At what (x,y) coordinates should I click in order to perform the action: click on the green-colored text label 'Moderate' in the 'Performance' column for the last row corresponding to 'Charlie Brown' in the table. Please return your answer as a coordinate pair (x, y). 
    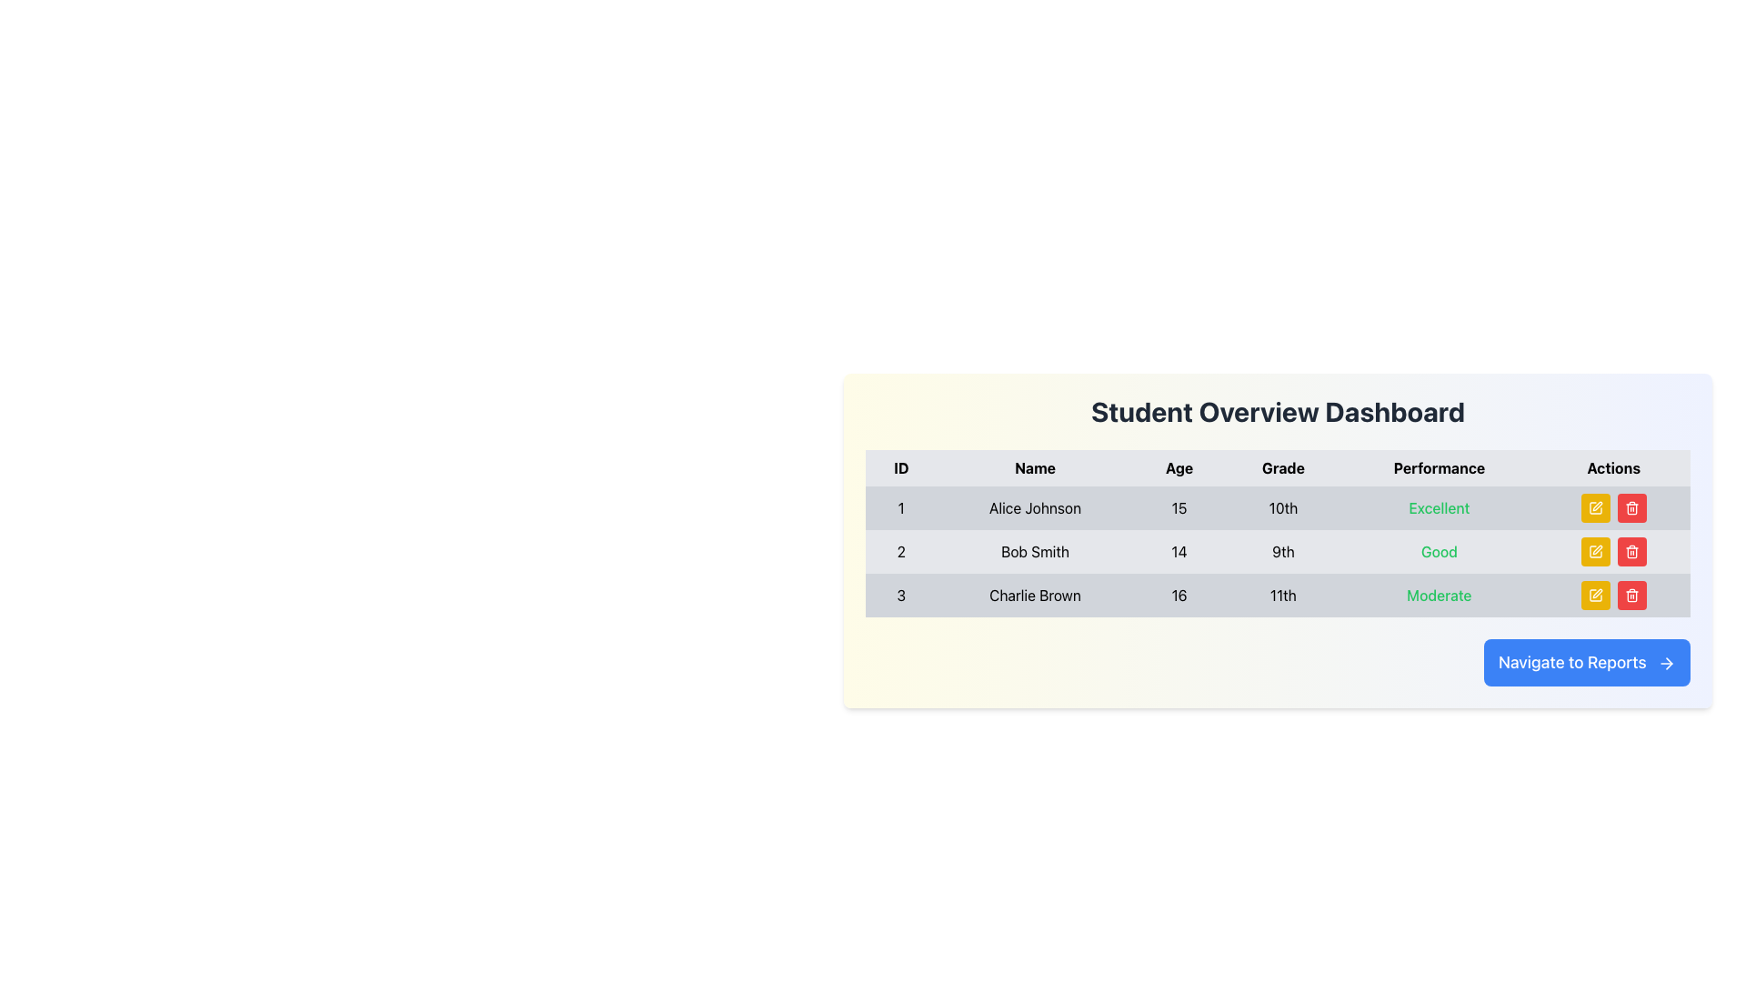
    Looking at the image, I should click on (1438, 596).